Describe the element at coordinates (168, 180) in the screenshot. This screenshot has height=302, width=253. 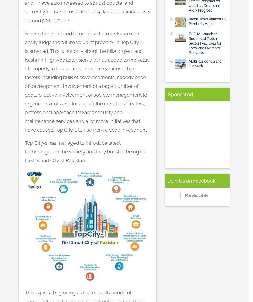
I see `'Join Us on Facebook'` at that location.